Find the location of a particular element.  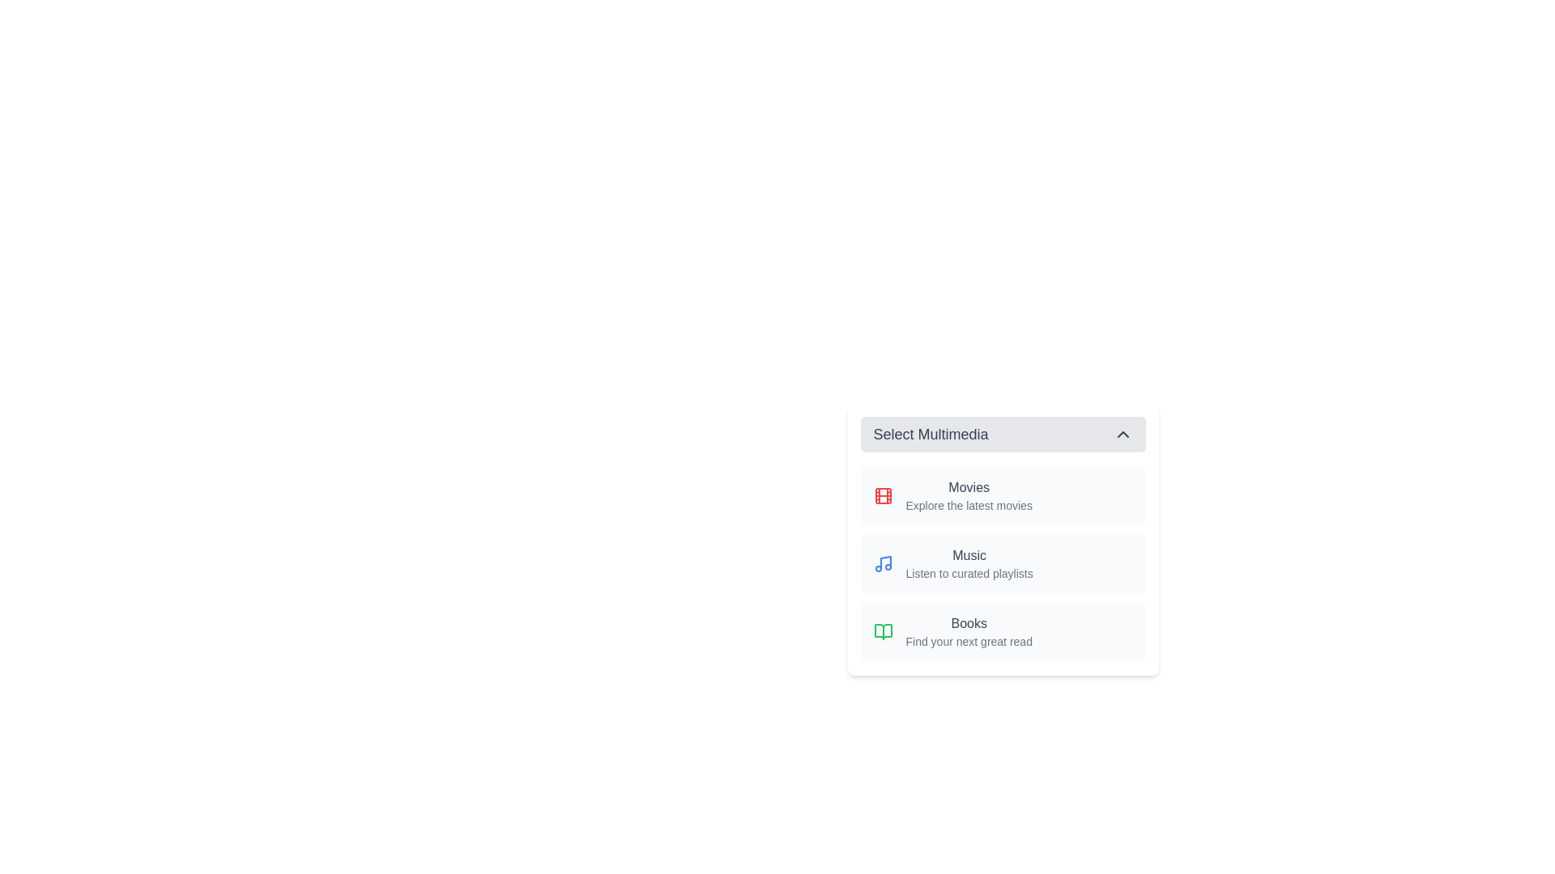

the 'Music' text label component which features bold text and a subtitle in a vertical list of multimedia options is located at coordinates (969, 563).